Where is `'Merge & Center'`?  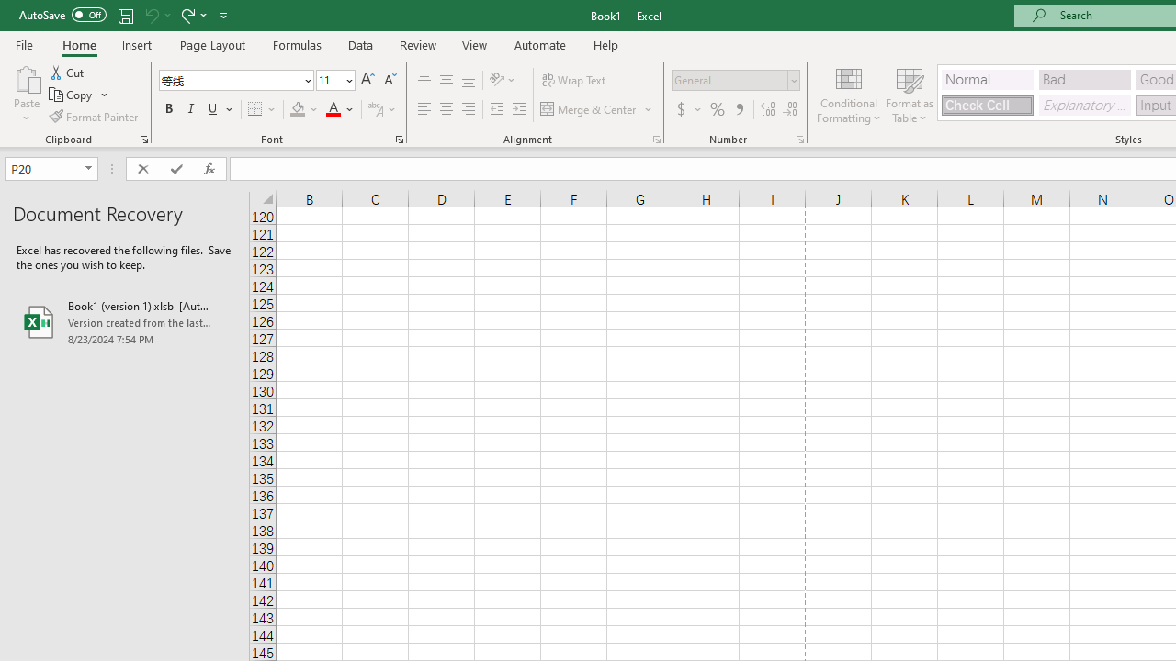
'Merge & Center' is located at coordinates (589, 109).